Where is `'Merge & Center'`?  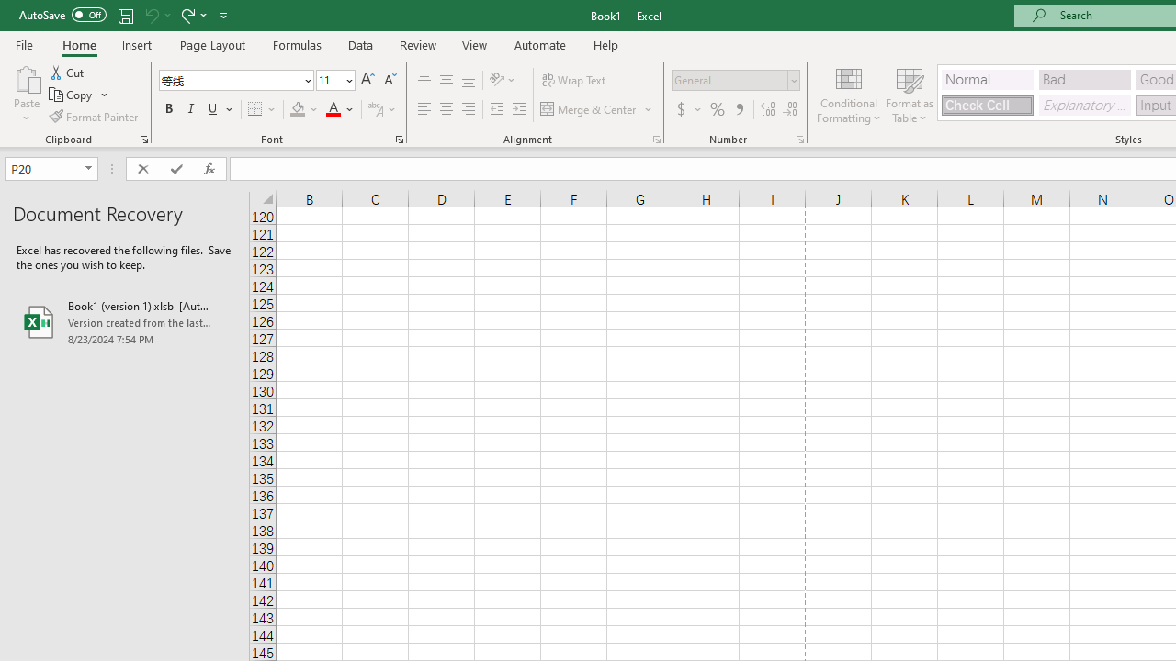
'Merge & Center' is located at coordinates (589, 109).